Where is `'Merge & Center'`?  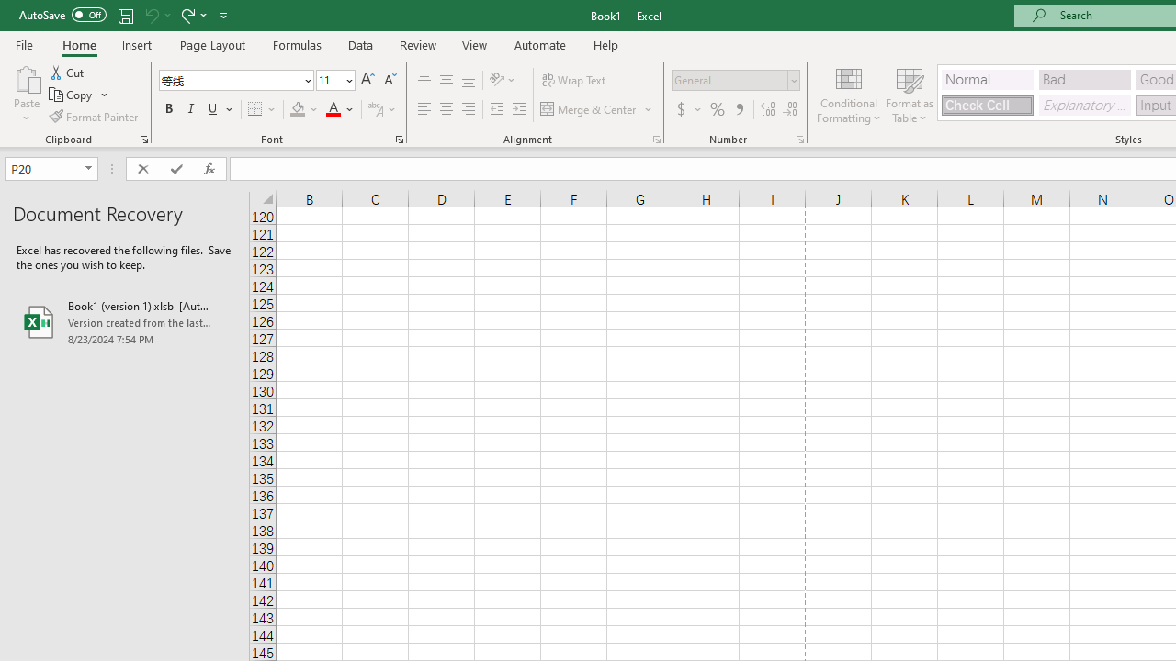
'Merge & Center' is located at coordinates (589, 109).